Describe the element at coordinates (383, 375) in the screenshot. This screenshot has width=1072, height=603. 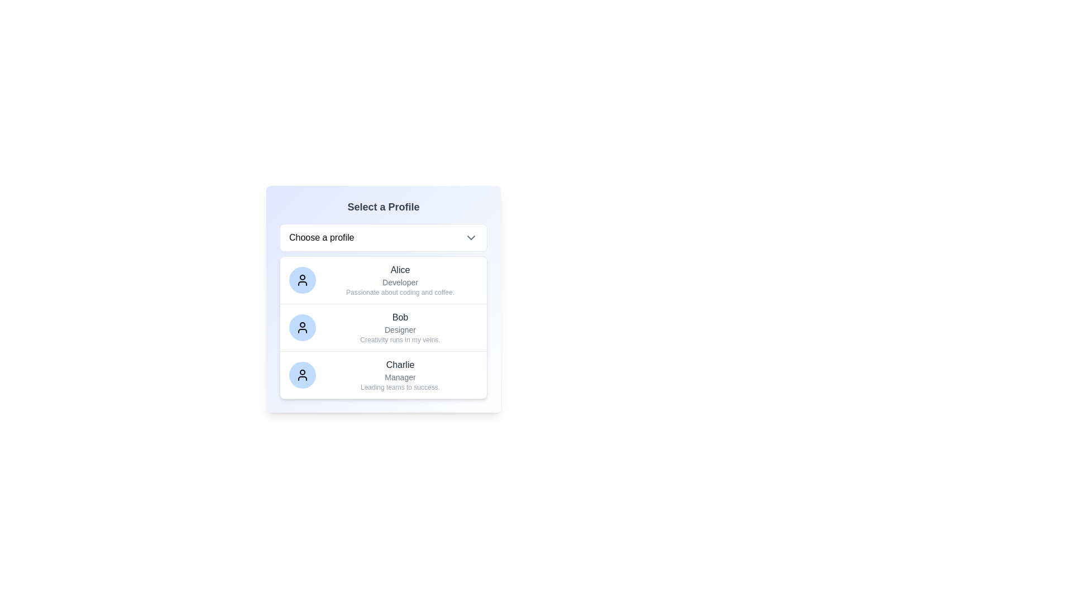
I see `the profile selection list item for 'Charlie', which is the third row in the list under the header 'Select a Profile'` at that location.